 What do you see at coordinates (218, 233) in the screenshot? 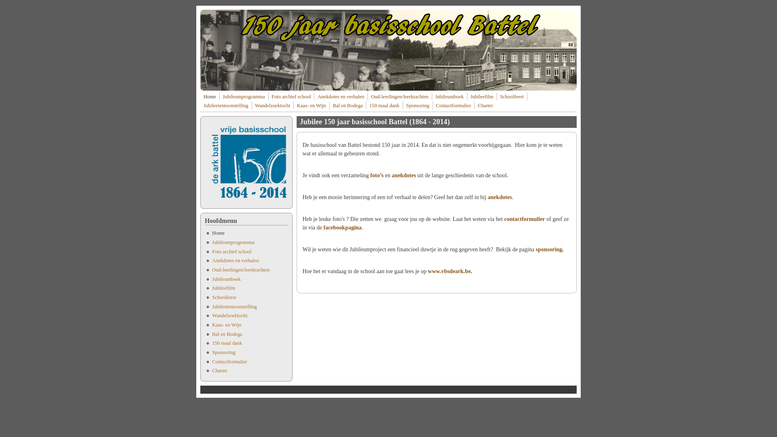
I see `'Home'` at bounding box center [218, 233].